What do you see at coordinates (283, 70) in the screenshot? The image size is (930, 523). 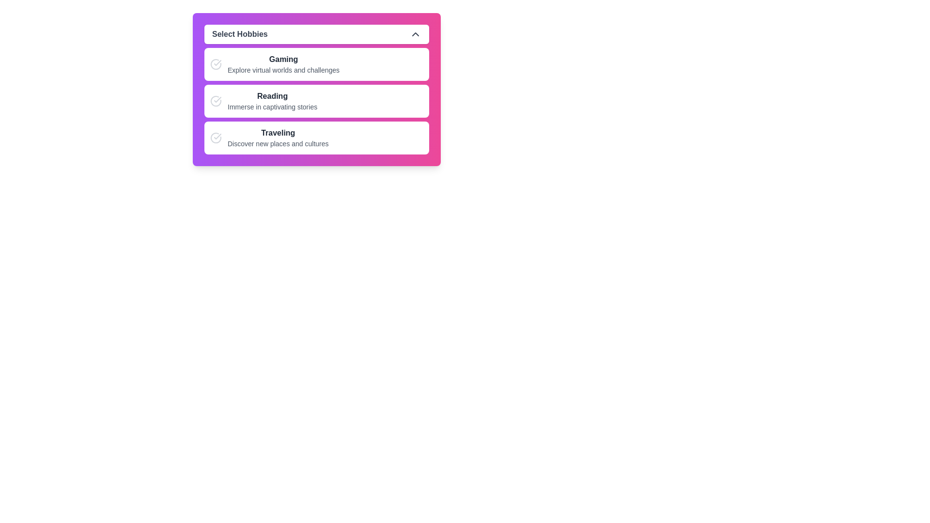 I see `description of the text label that provides additional information about the 'Gaming' option, which contains the text: 'Explore virtual worlds and challenges'` at bounding box center [283, 70].